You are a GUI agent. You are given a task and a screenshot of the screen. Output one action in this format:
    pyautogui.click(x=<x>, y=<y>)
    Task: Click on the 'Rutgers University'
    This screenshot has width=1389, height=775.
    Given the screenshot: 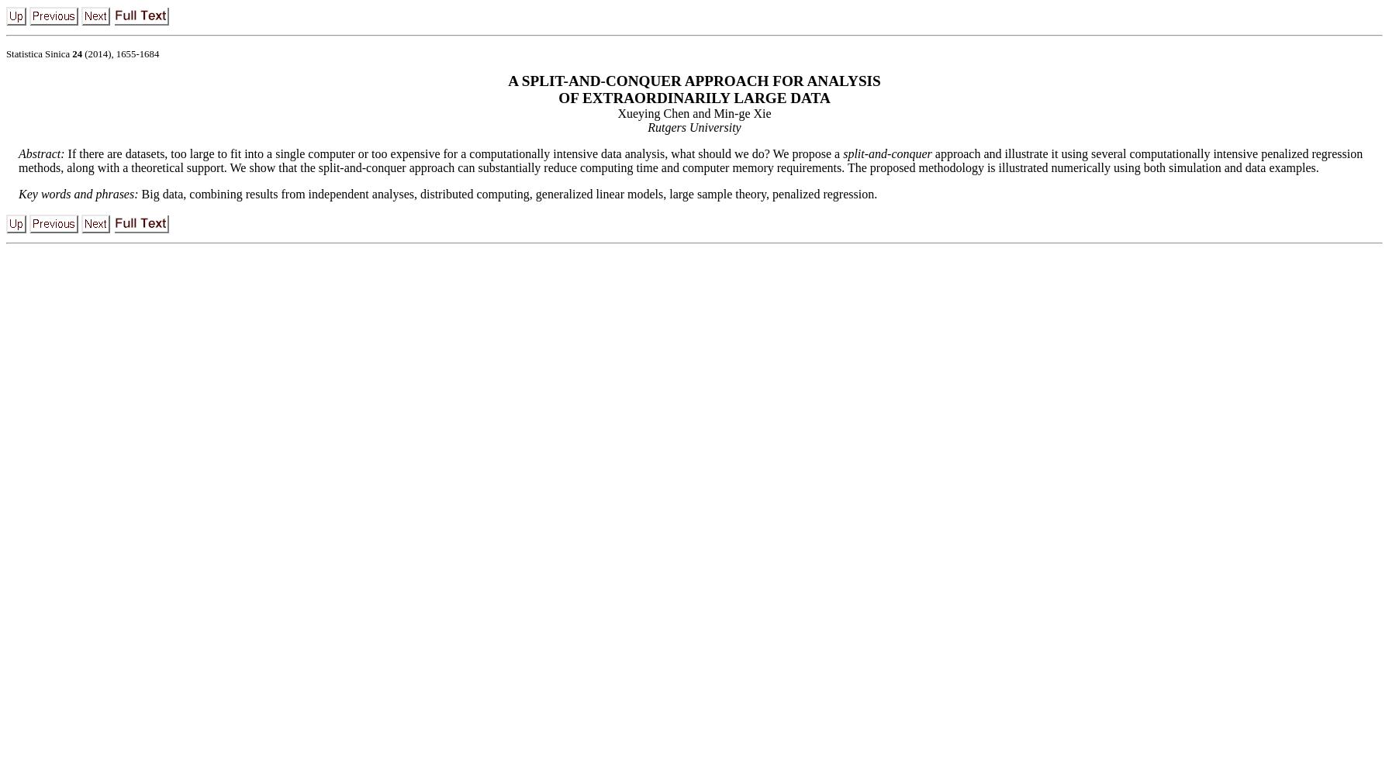 What is the action you would take?
    pyautogui.click(x=647, y=127)
    